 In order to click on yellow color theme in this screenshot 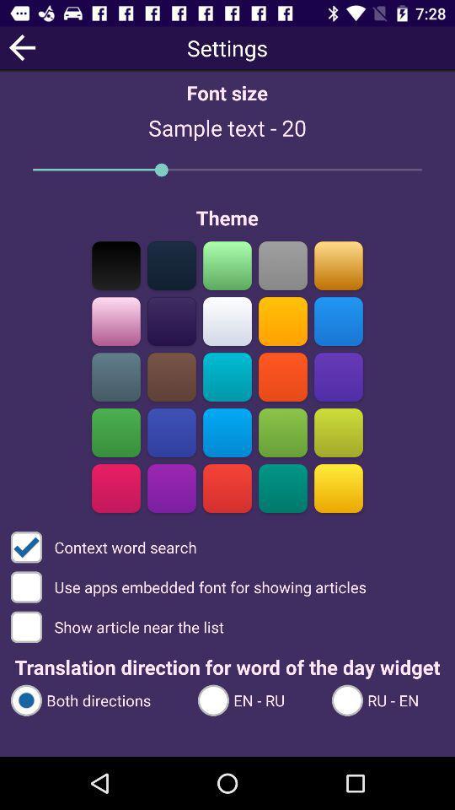, I will do `click(338, 488)`.